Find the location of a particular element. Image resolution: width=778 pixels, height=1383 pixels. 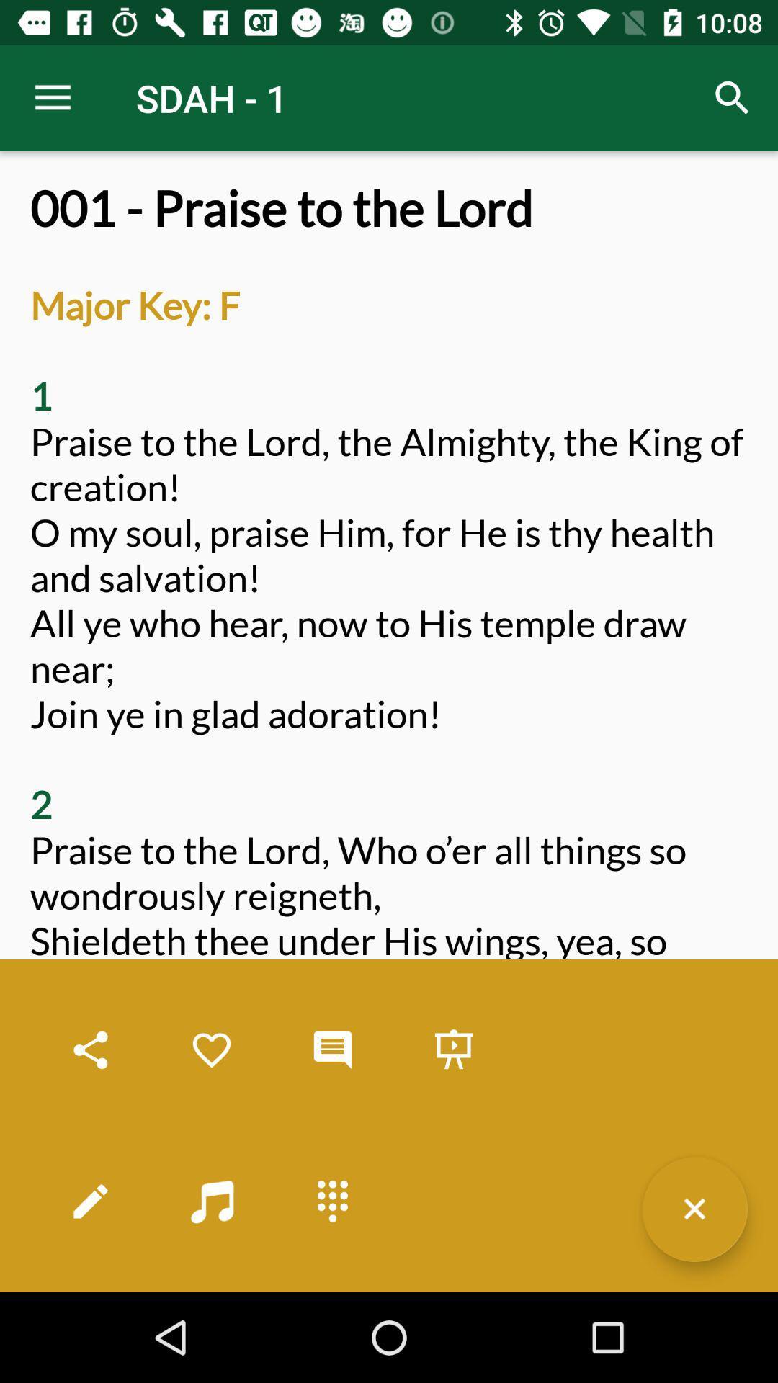

share the passage is located at coordinates (91, 1050).